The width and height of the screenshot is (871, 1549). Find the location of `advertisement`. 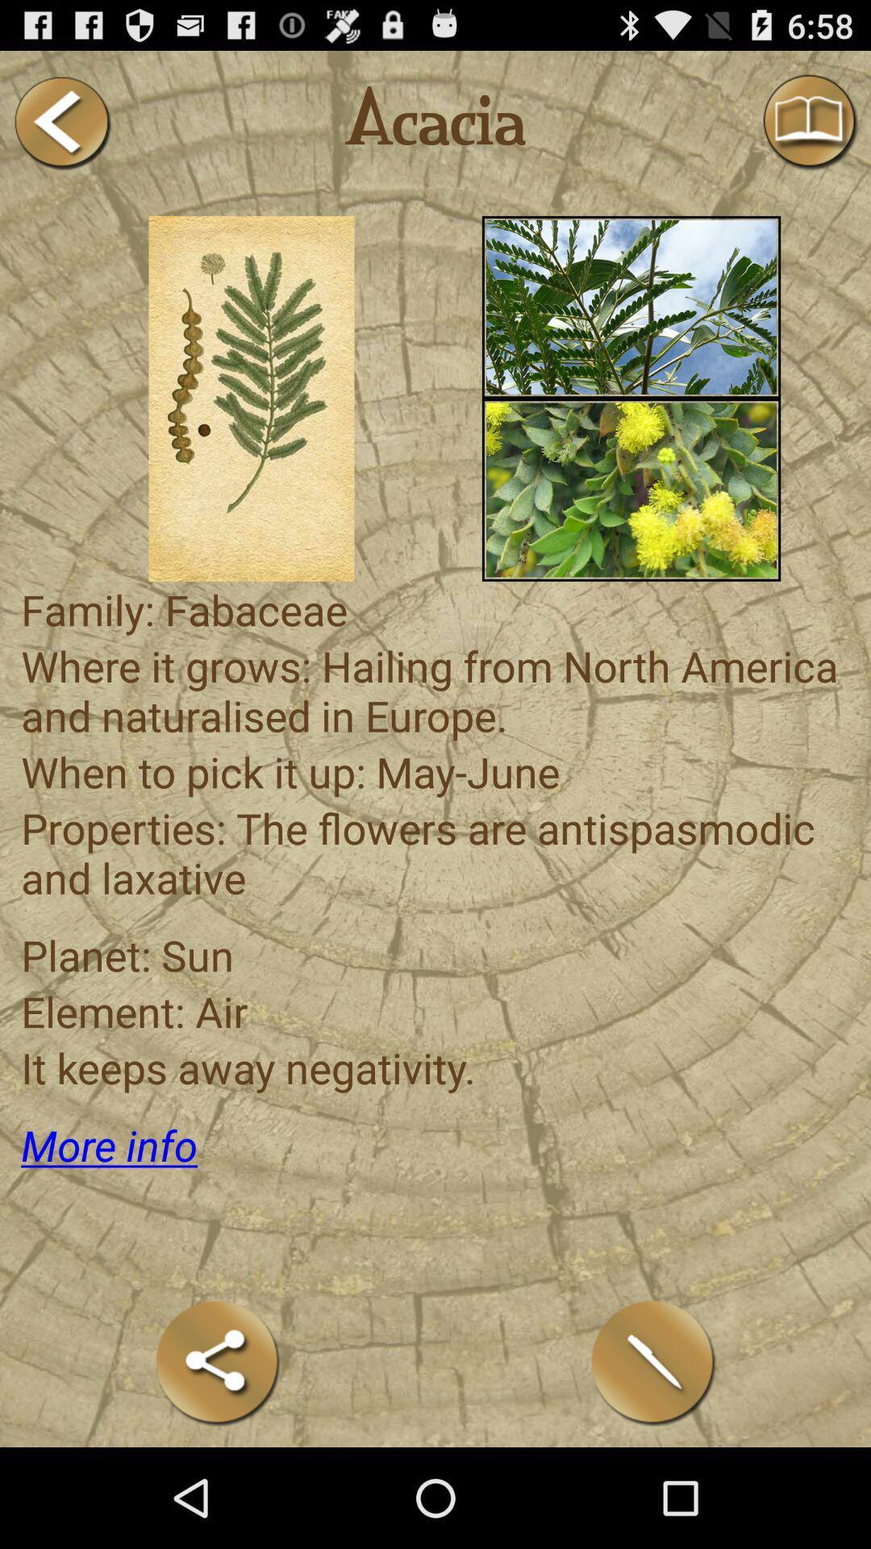

advertisement is located at coordinates (631, 489).